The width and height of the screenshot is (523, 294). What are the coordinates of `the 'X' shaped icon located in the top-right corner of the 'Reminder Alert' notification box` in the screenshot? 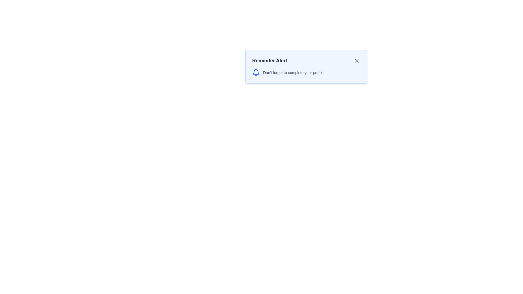 It's located at (357, 61).